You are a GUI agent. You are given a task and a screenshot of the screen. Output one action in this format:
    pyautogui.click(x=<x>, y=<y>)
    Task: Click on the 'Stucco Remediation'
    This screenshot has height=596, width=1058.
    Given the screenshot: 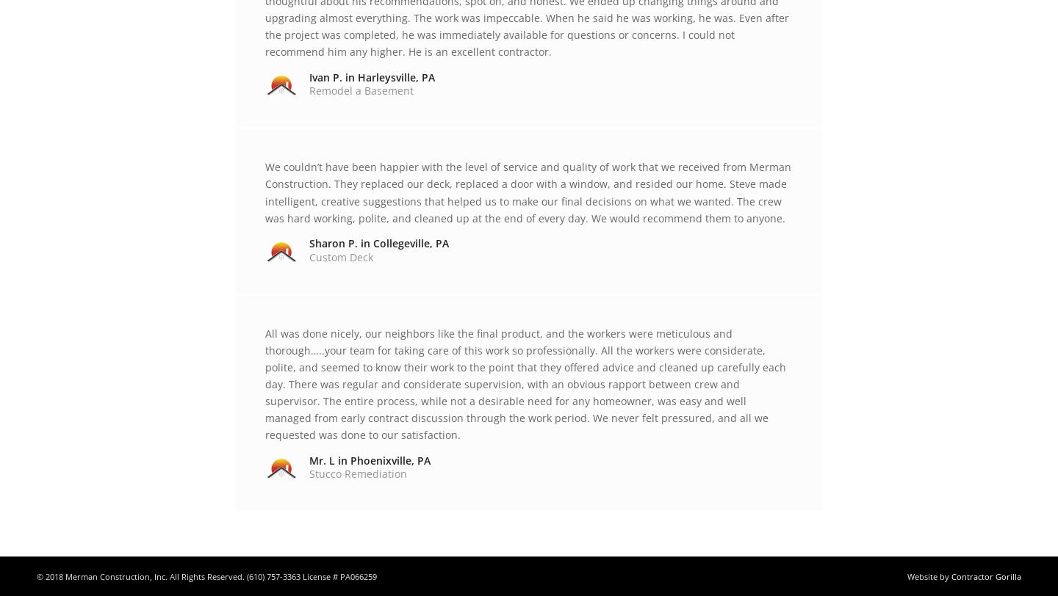 What is the action you would take?
    pyautogui.click(x=357, y=473)
    